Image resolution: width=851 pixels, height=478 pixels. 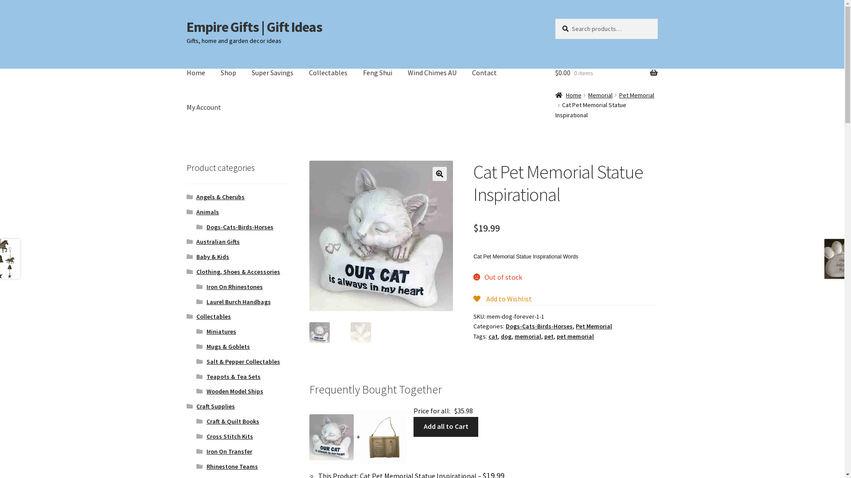 I want to click on 'Teapots & Tea Sets', so click(x=234, y=377).